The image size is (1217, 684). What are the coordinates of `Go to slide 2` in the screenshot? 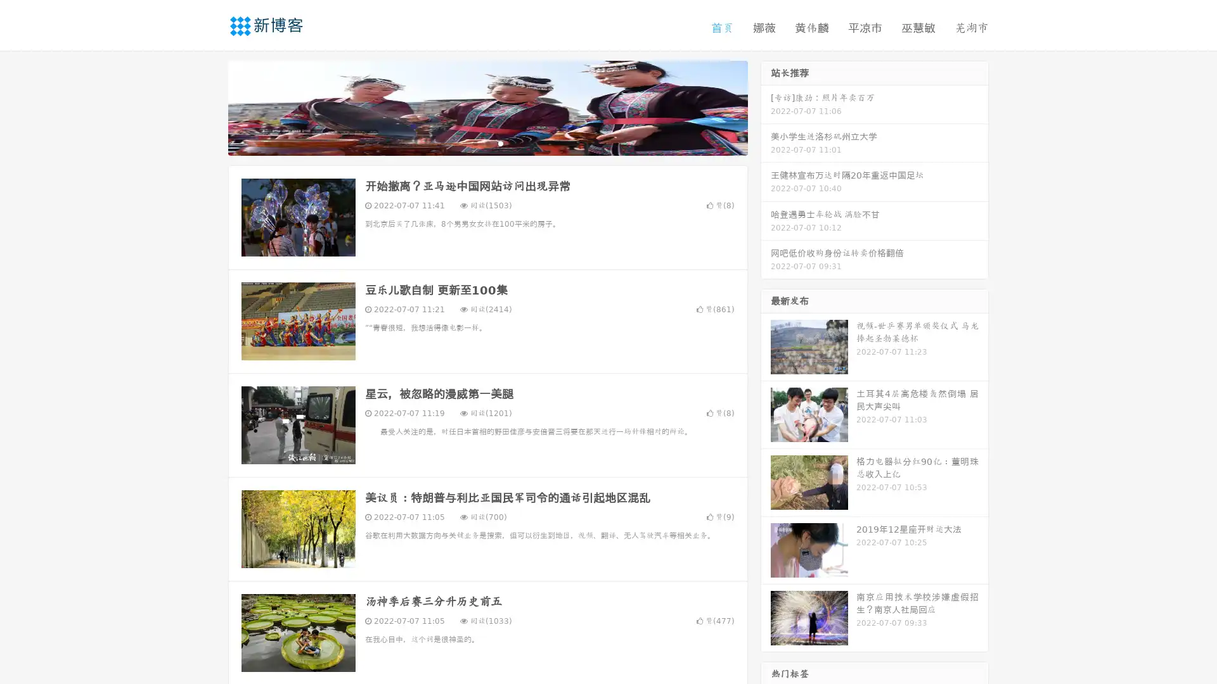 It's located at (487, 142).